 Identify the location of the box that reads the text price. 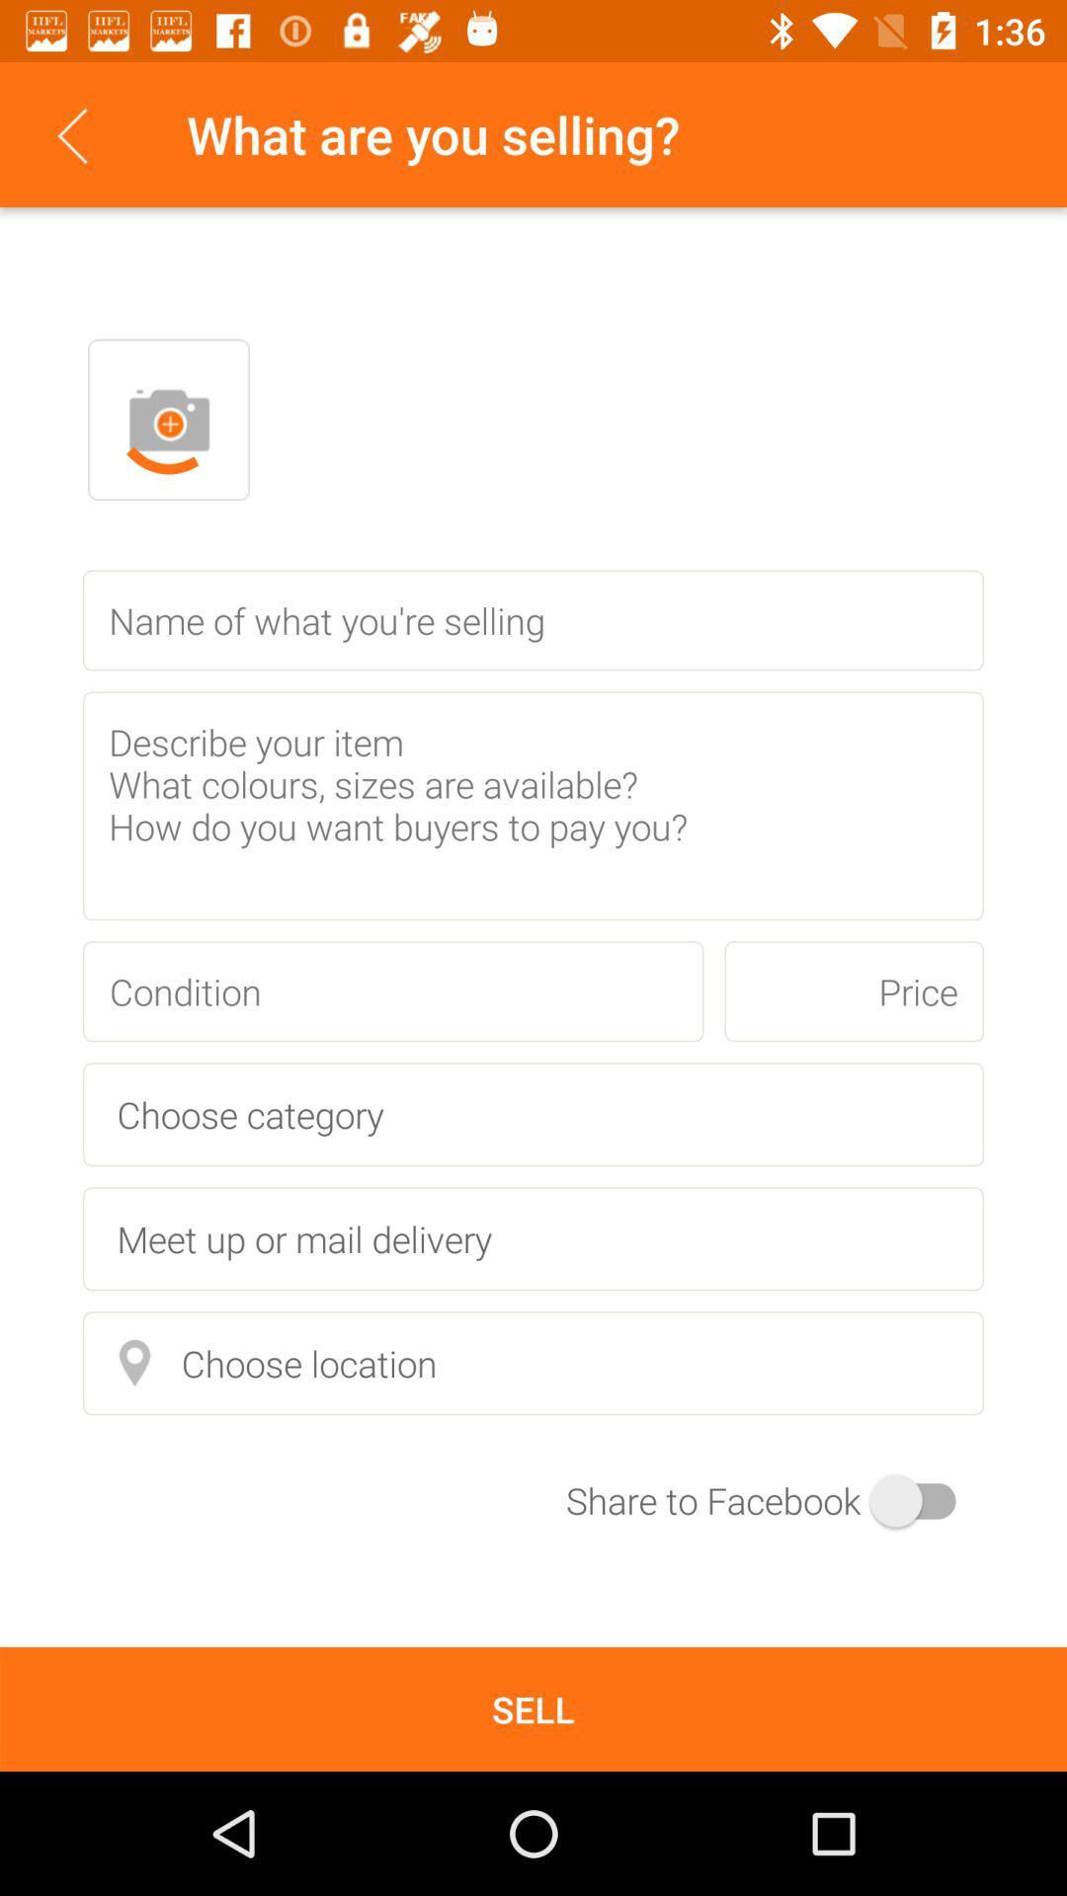
(853, 990).